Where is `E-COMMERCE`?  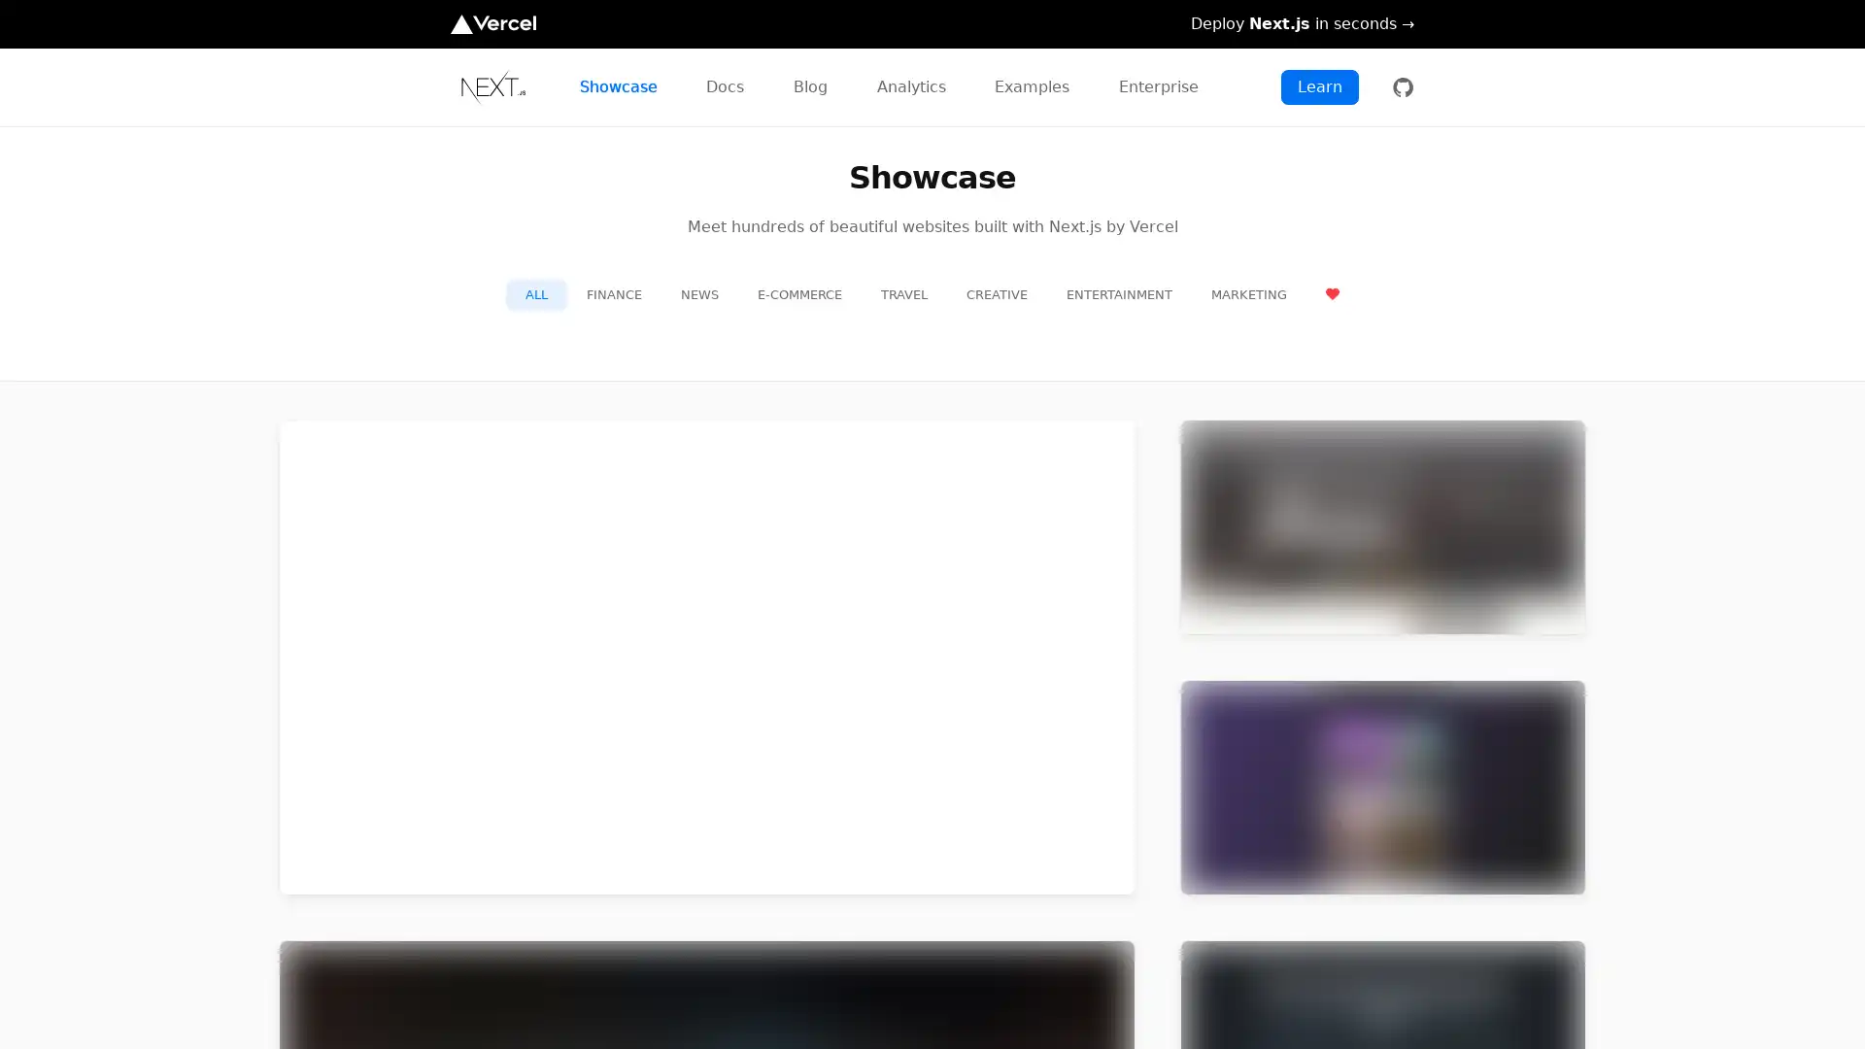 E-COMMERCE is located at coordinates (799, 294).